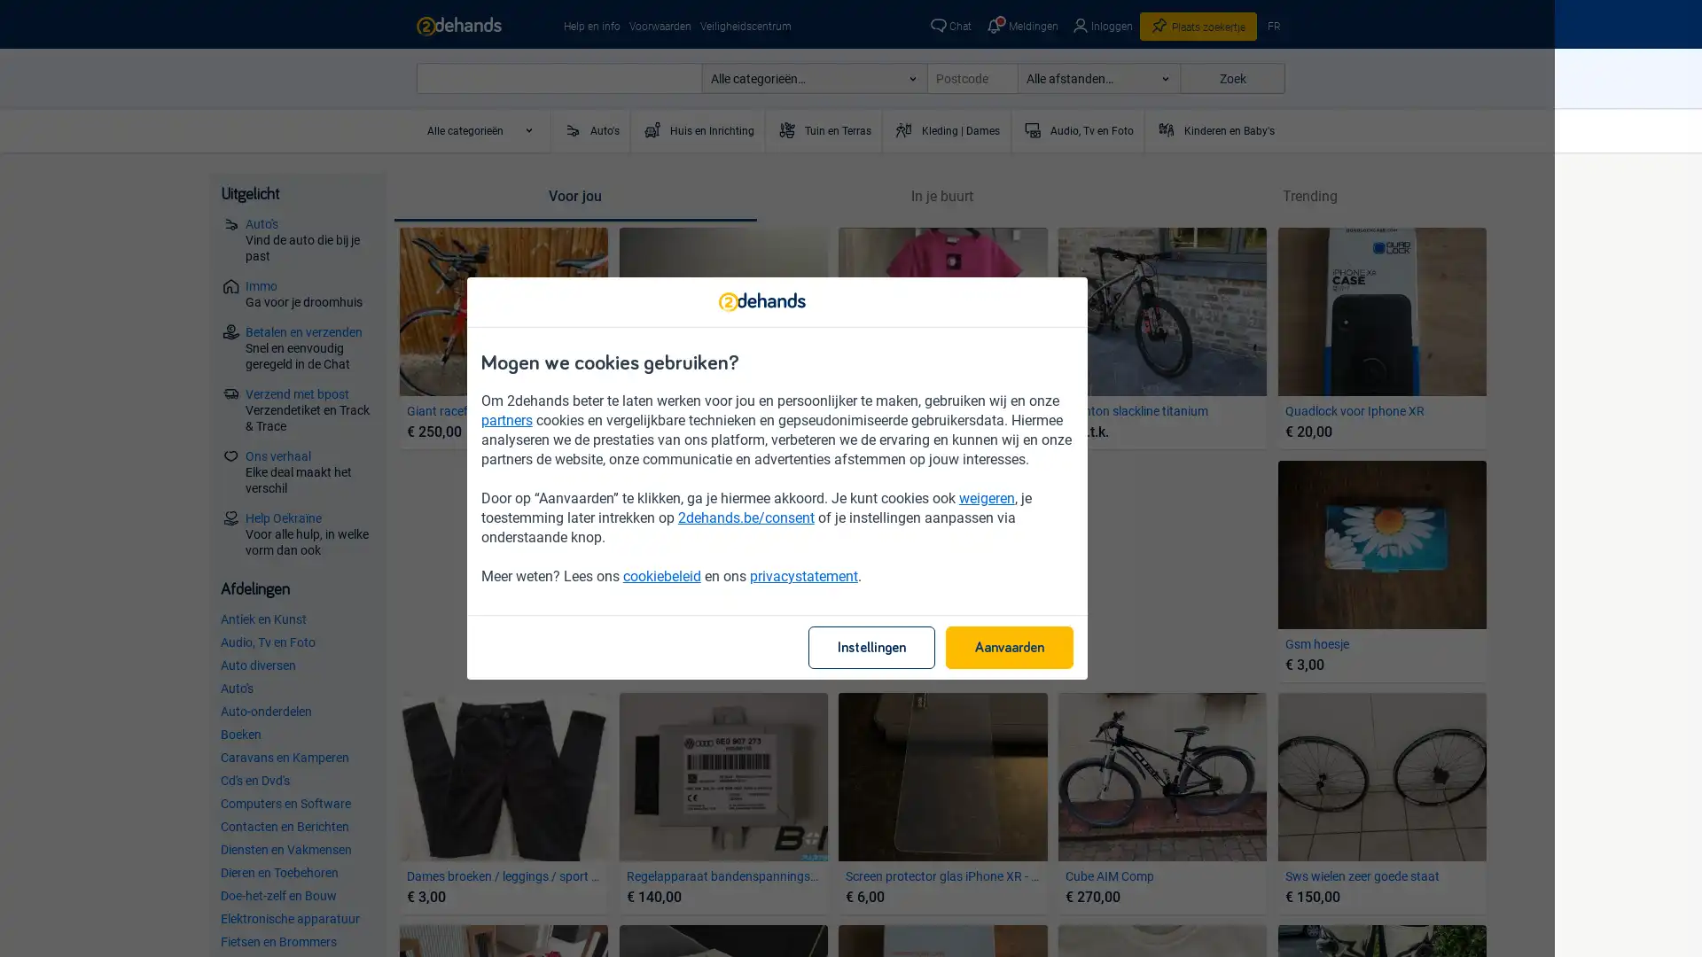 This screenshot has height=957, width=1702. Describe the element at coordinates (1020, 27) in the screenshot. I see `Meldingen` at that location.